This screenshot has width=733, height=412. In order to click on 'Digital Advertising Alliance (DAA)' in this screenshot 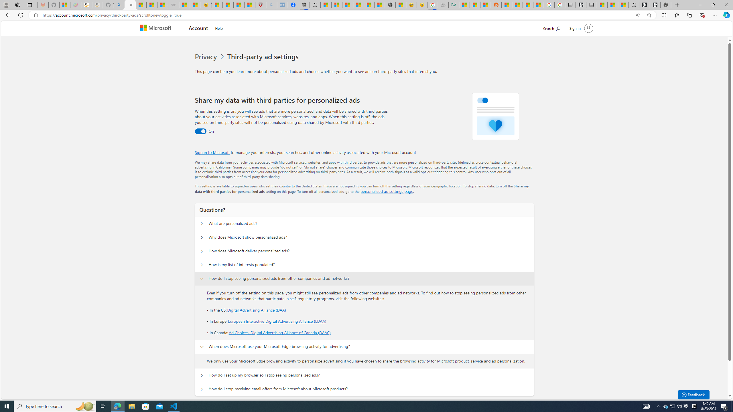, I will do `click(257, 309)`.